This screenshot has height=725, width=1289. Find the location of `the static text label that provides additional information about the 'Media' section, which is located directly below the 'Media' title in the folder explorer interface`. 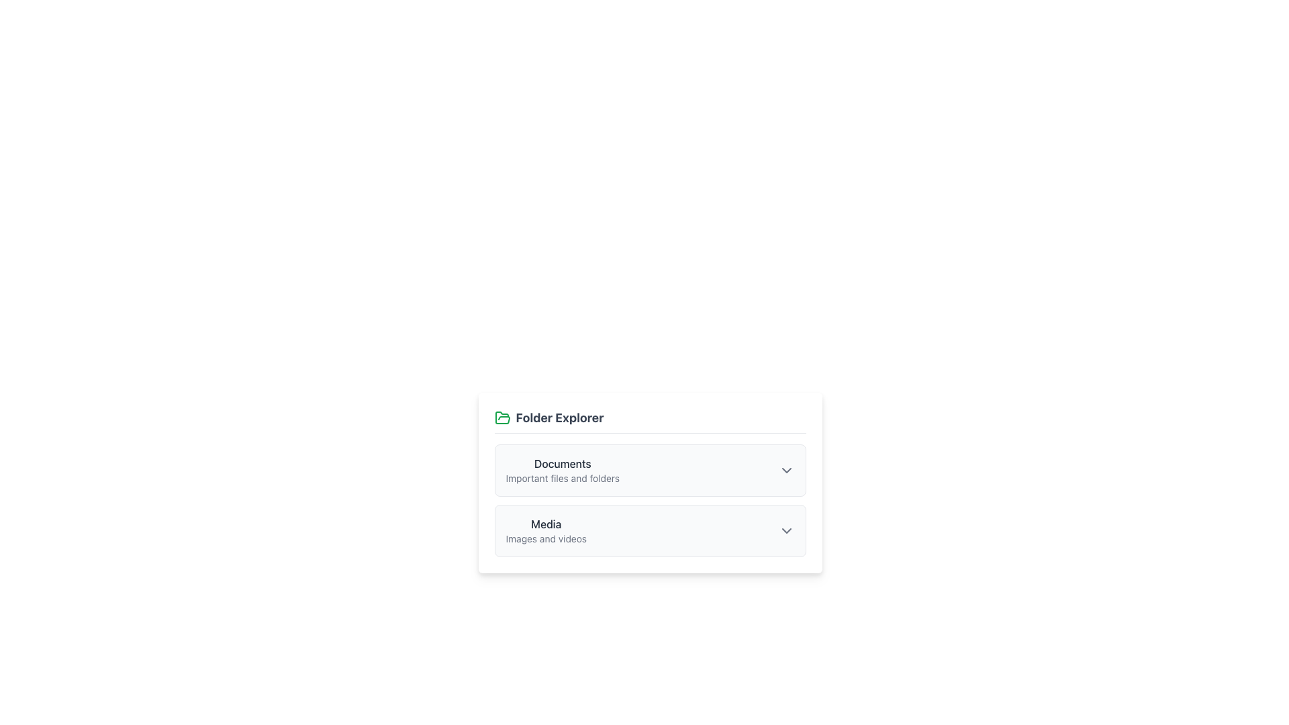

the static text label that provides additional information about the 'Media' section, which is located directly below the 'Media' title in the folder explorer interface is located at coordinates (546, 538).